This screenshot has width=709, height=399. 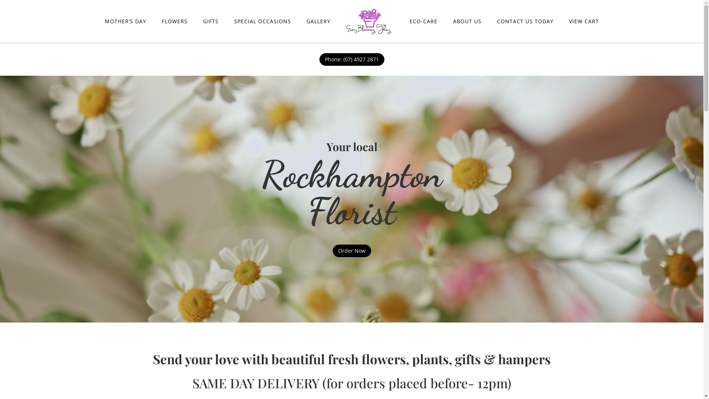 I want to click on 'CONTACT US TODAY', so click(x=525, y=21).